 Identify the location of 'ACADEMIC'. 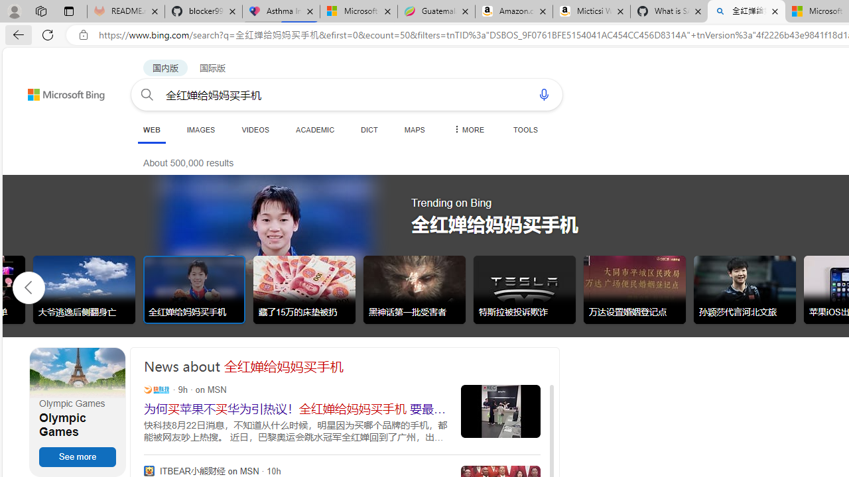
(314, 129).